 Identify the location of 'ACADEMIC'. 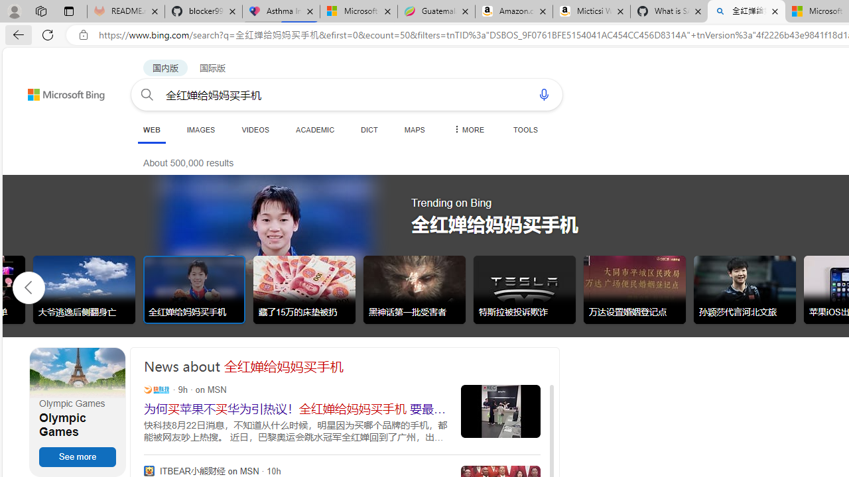
(314, 129).